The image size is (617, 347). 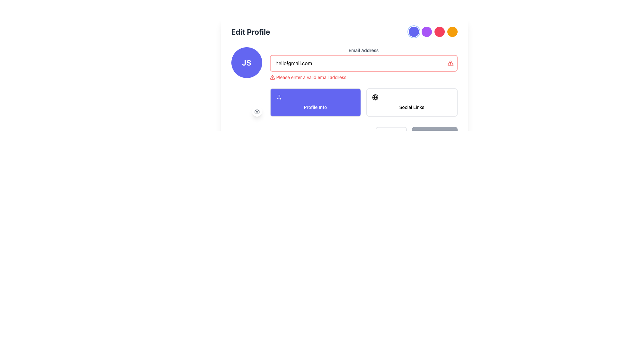 What do you see at coordinates (250, 32) in the screenshot?
I see `the 'Edit Profile' text label` at bounding box center [250, 32].